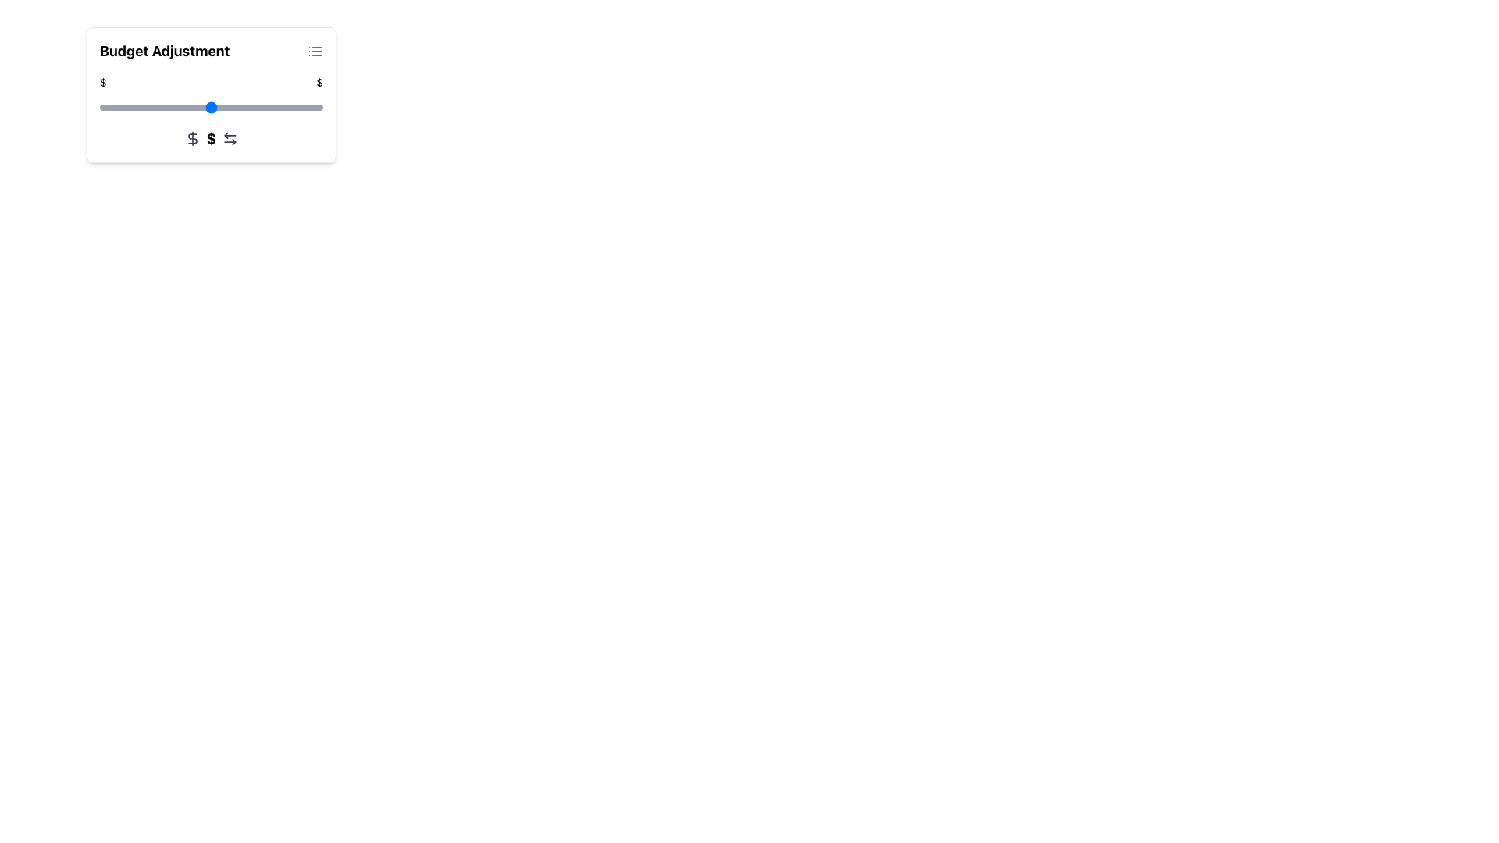 This screenshot has height=843, width=1499. I want to click on the budget adjustment slider, so click(242, 107).